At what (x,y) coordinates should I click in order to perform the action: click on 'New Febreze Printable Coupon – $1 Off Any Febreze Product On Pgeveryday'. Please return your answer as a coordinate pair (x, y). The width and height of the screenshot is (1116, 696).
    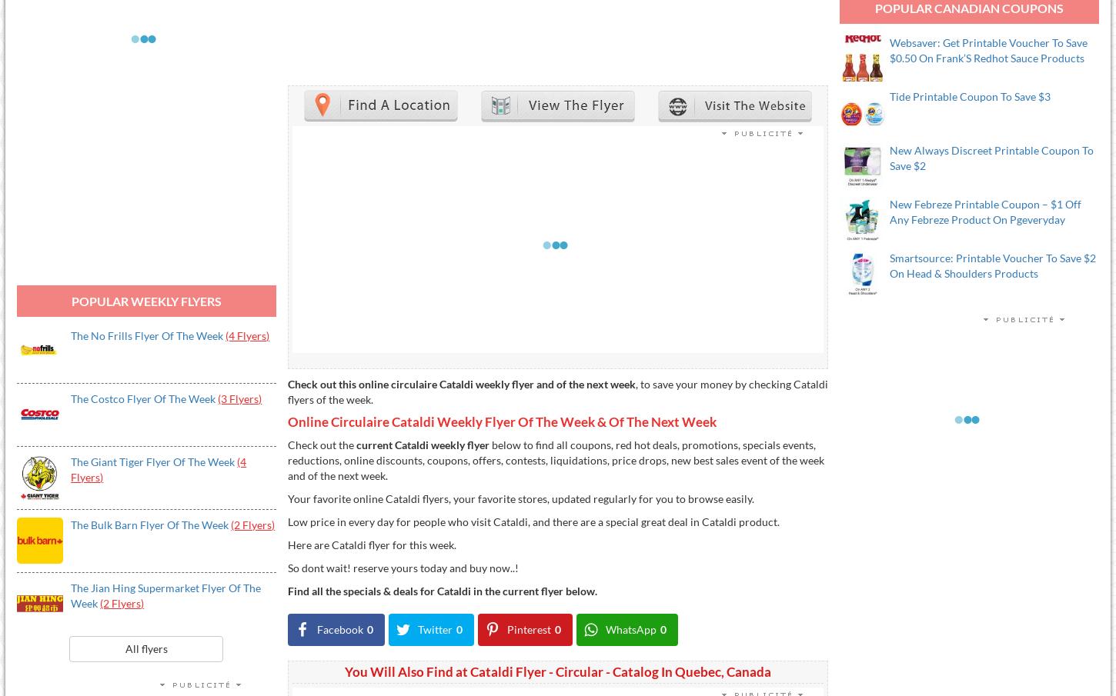
    Looking at the image, I should click on (985, 211).